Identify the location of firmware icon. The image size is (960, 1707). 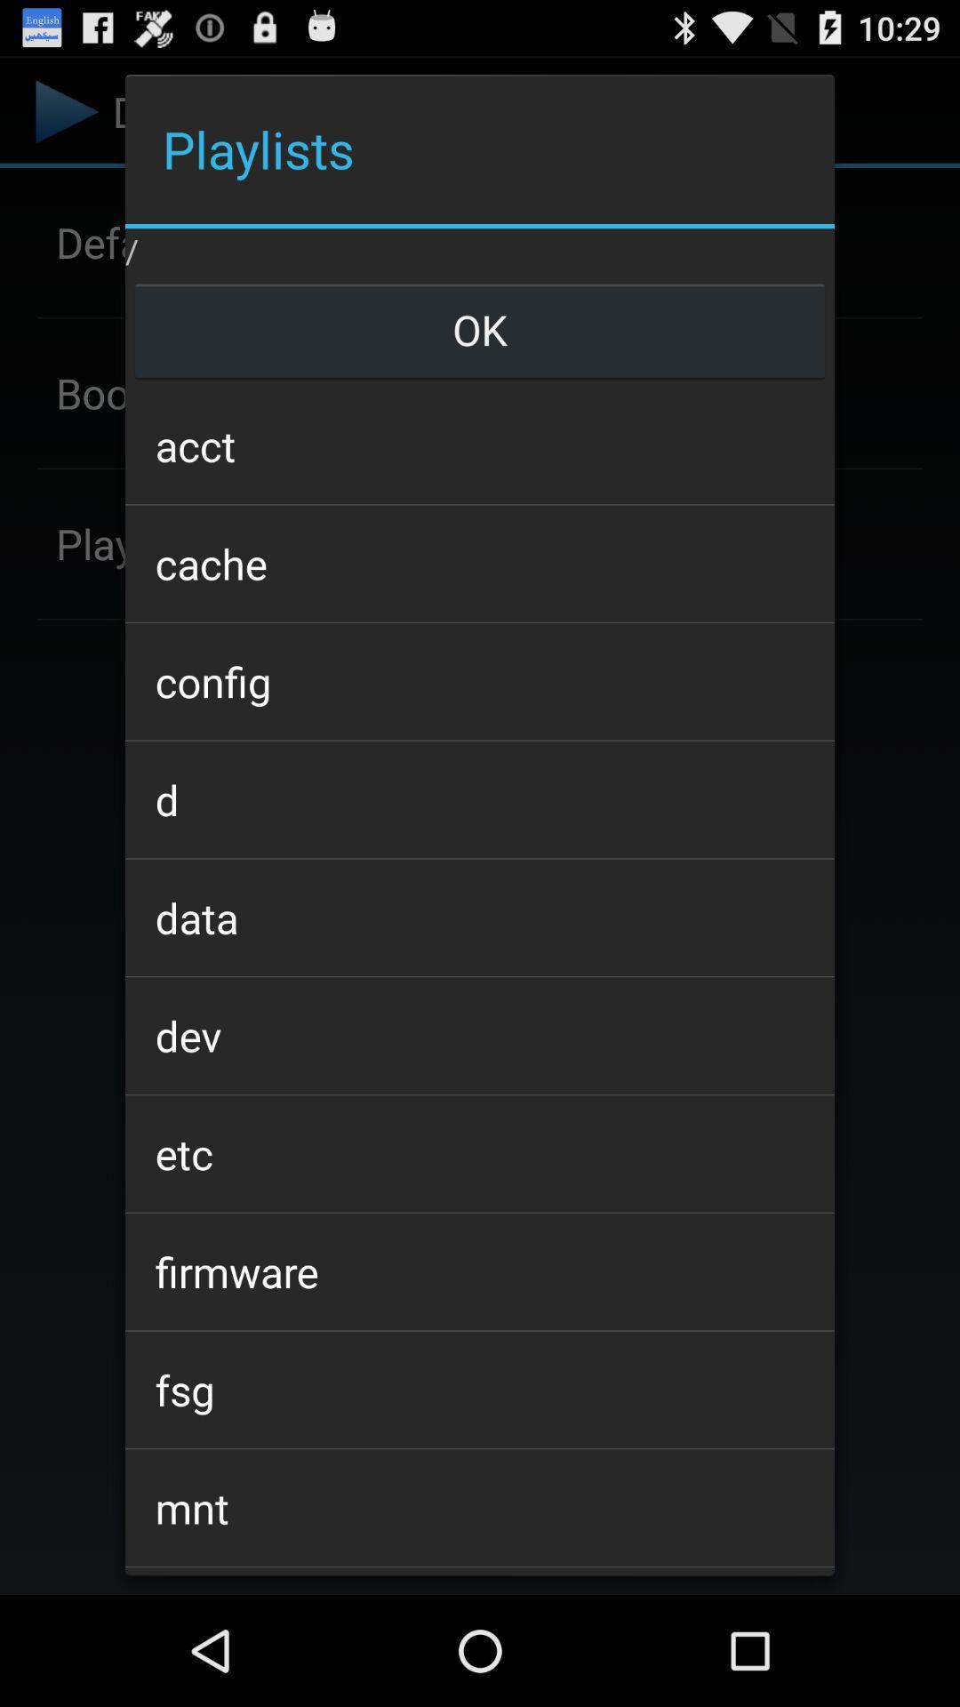
(480, 1270).